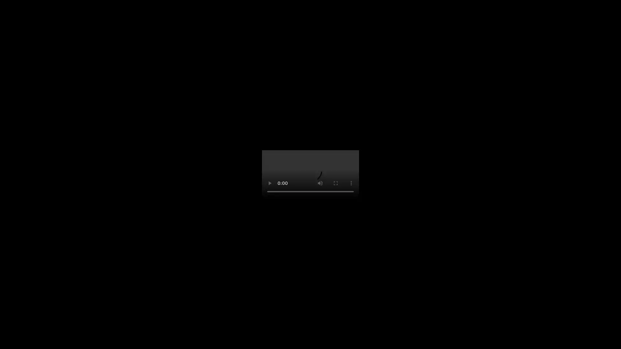 The width and height of the screenshot is (621, 349). What do you see at coordinates (335, 183) in the screenshot?
I see `enter full screen` at bounding box center [335, 183].